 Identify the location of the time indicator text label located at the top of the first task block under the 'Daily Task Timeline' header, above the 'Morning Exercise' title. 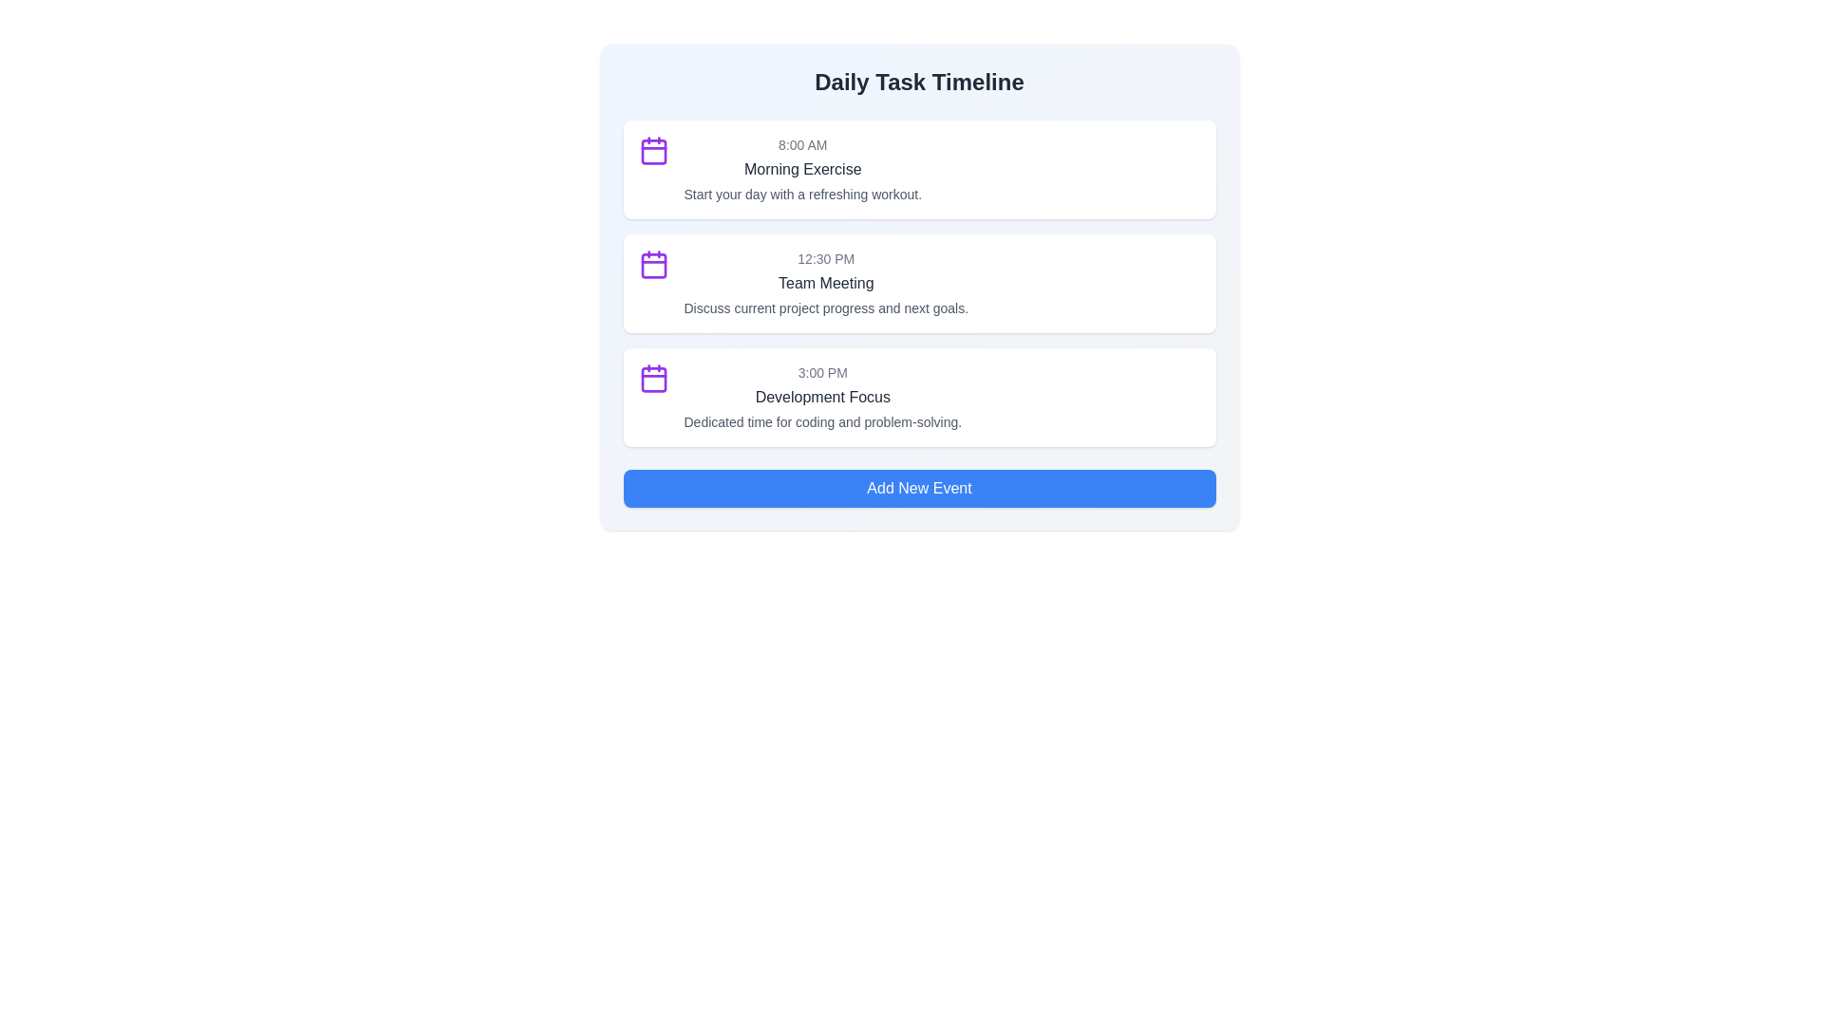
(802, 144).